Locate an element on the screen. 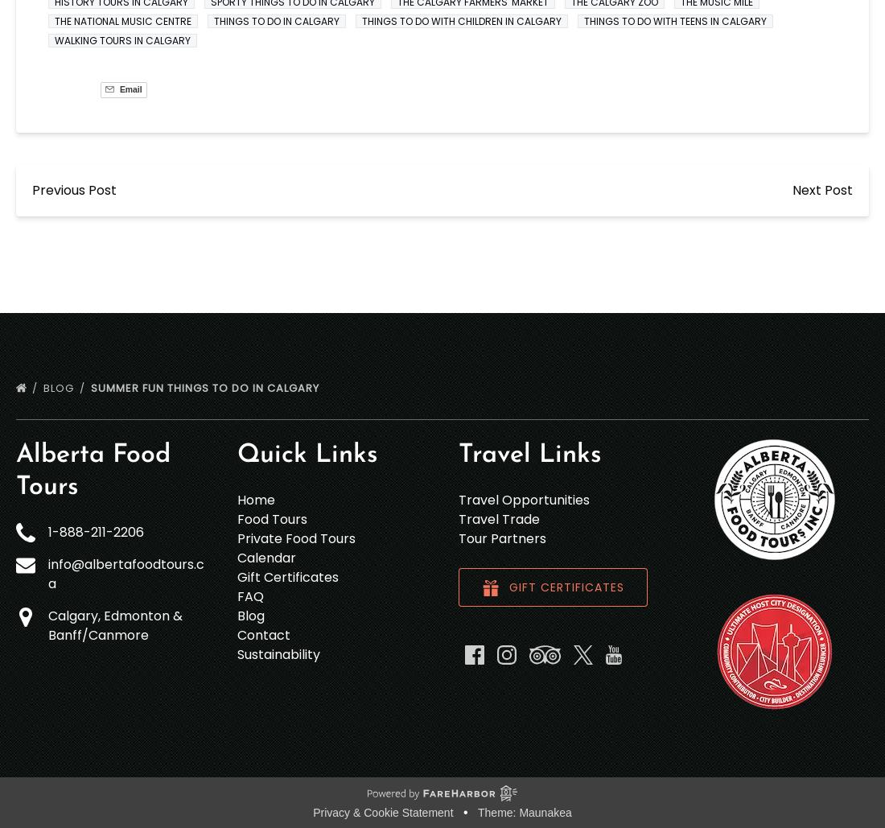 This screenshot has height=828, width=885. 'The National Music Centre' is located at coordinates (122, 20).